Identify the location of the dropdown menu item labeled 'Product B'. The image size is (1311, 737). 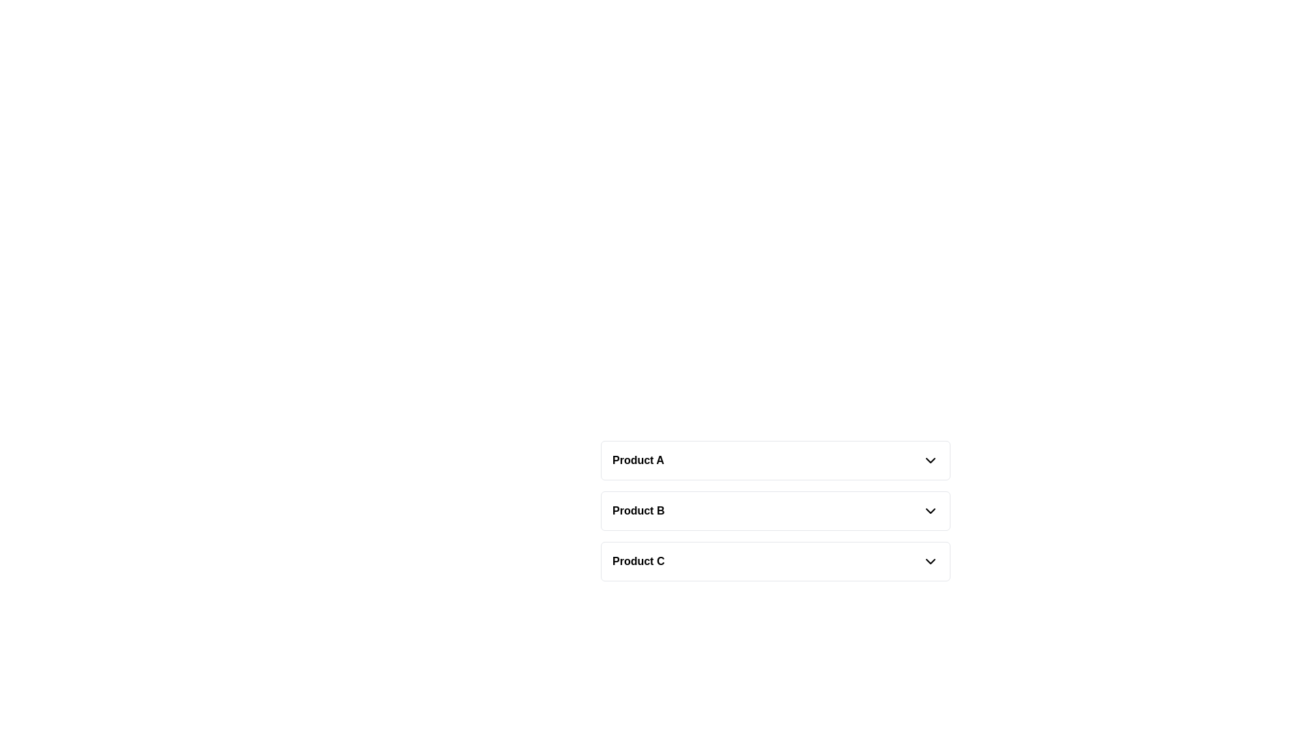
(776, 510).